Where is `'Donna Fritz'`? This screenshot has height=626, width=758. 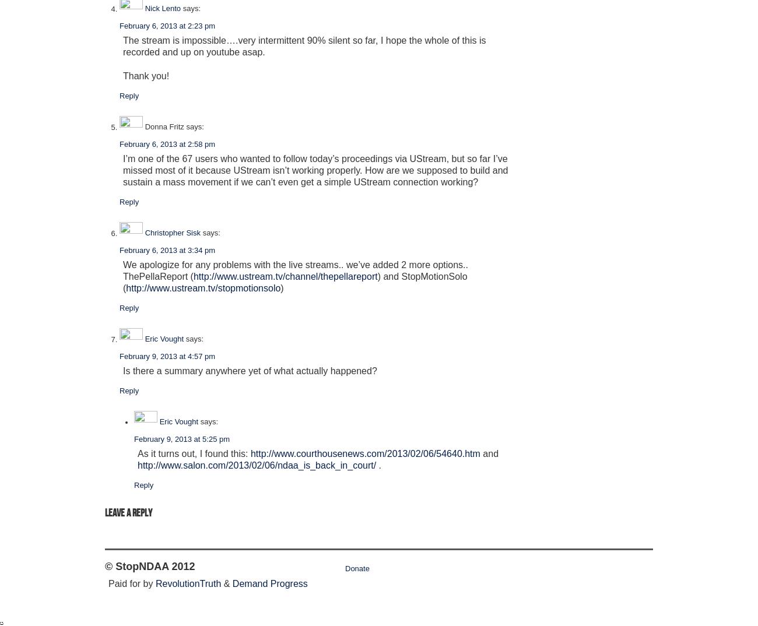 'Donna Fritz' is located at coordinates (164, 126).